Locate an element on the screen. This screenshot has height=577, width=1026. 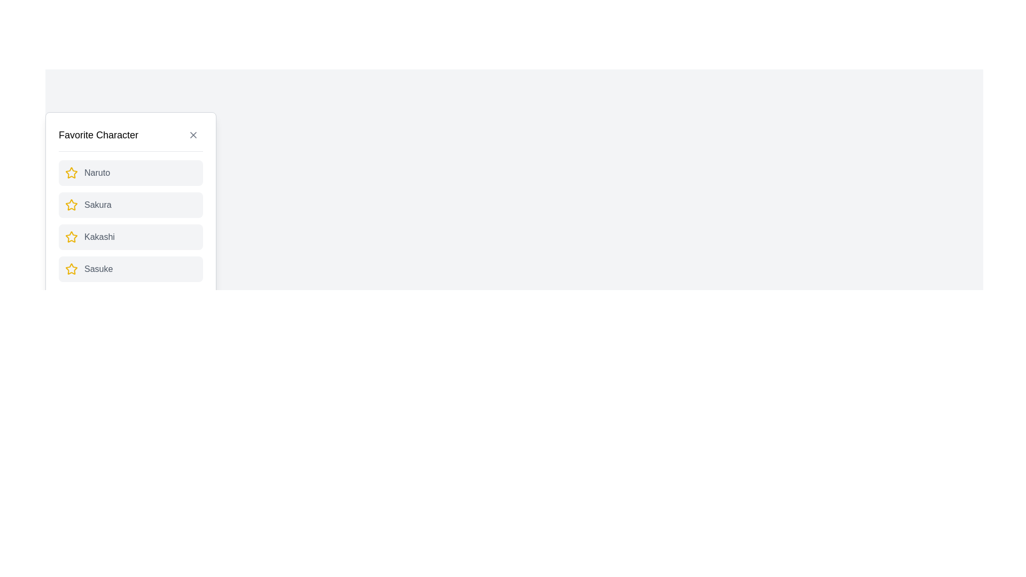
the second item labeled 'Sakura' in the list of selectable items within the 'Favorite Character' modal is located at coordinates (130, 220).